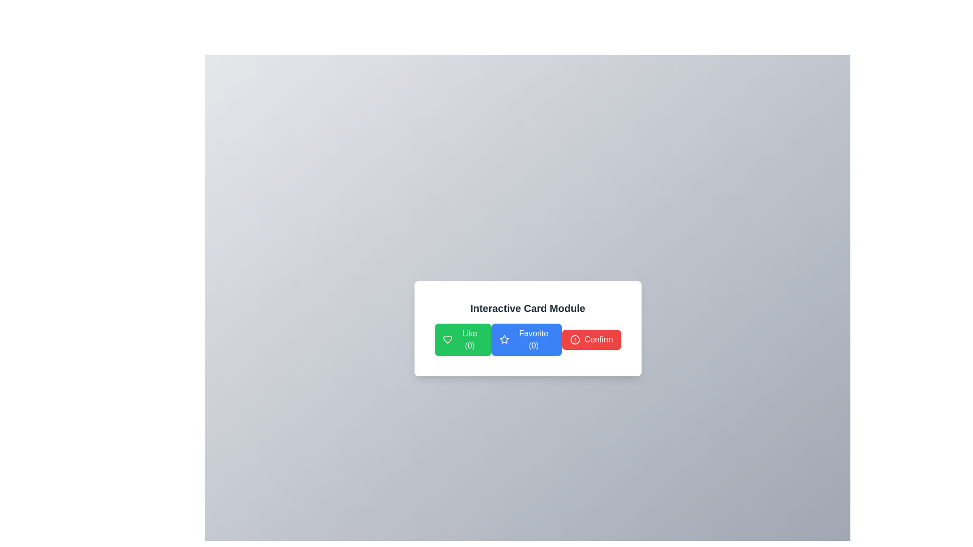  Describe the element at coordinates (598, 340) in the screenshot. I see `the red button labeled 'Confirm' which is the rightmost button in the interactive module to confirm the action` at that location.